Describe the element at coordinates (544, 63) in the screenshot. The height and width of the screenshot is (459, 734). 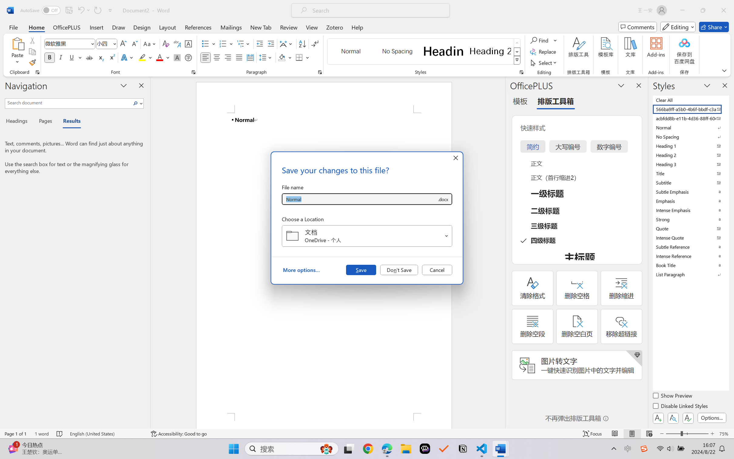
I see `'Select'` at that location.